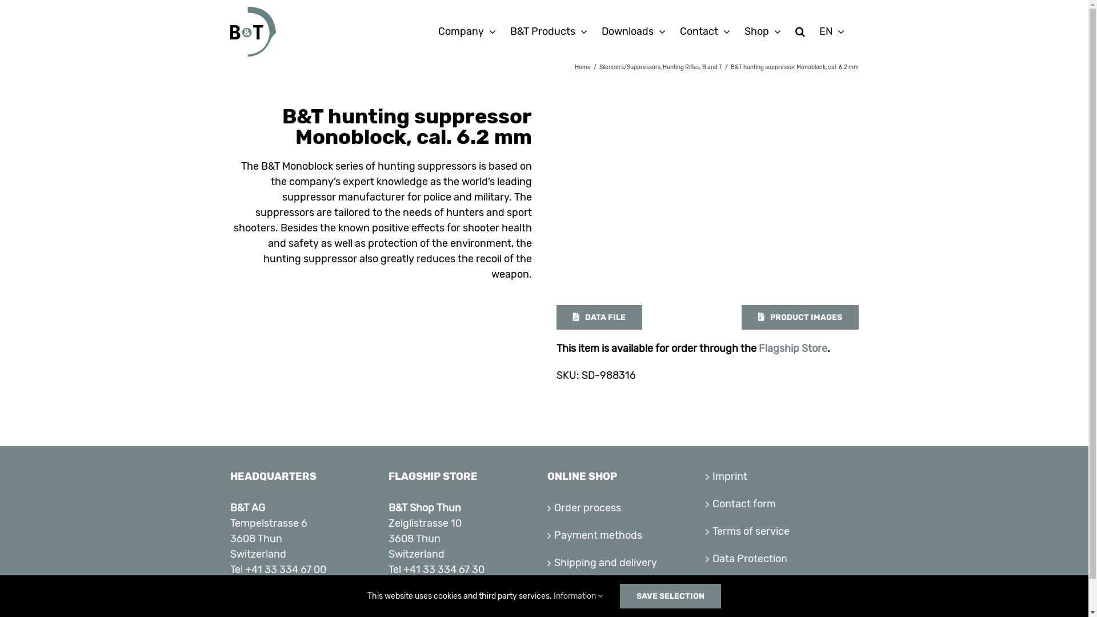 This screenshot has height=617, width=1097. I want to click on 'Contact form', so click(782, 503).